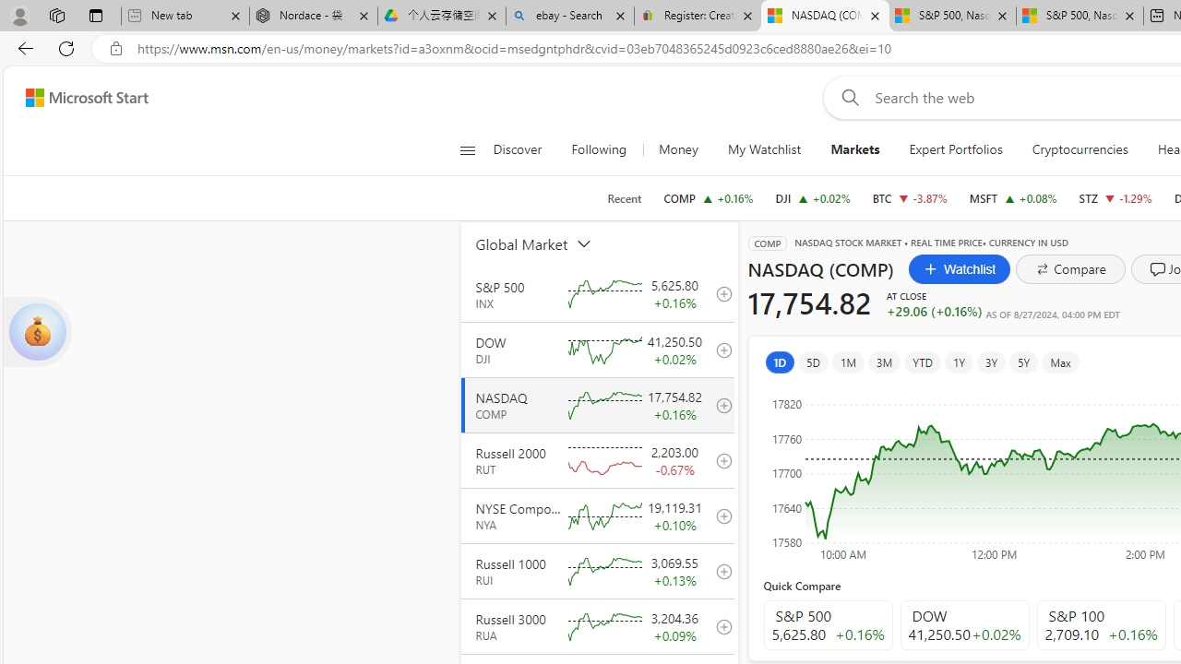  What do you see at coordinates (1080, 16) in the screenshot?
I see `'S&P 500, Nasdaq end lower, weighed by Nvidia dip | Watch'` at bounding box center [1080, 16].